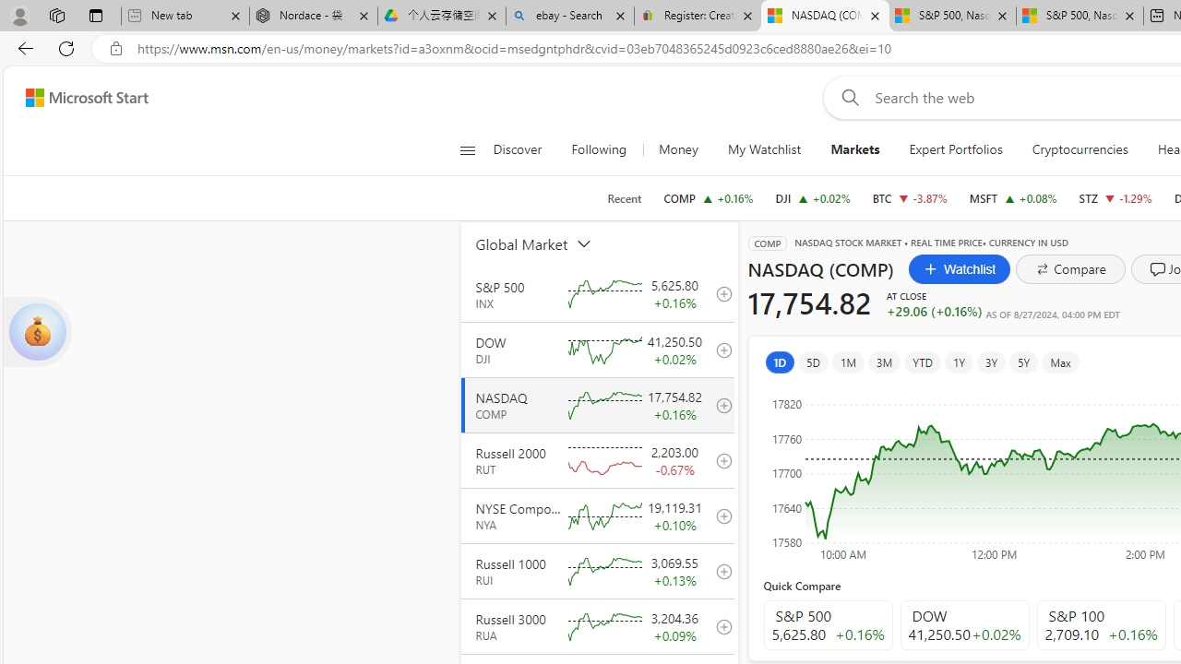  What do you see at coordinates (1080, 16) in the screenshot?
I see `'S&P 500, Nasdaq end lower, weighed by Nvidia dip | Watch'` at bounding box center [1080, 16].